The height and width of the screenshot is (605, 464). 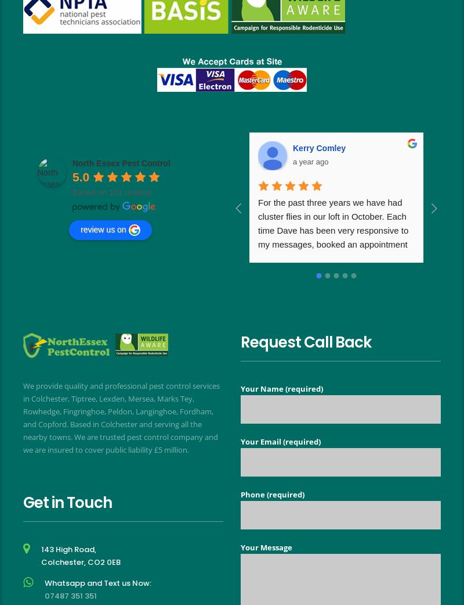 I want to click on 'Colchester, CO2 0EB', so click(x=81, y=561).